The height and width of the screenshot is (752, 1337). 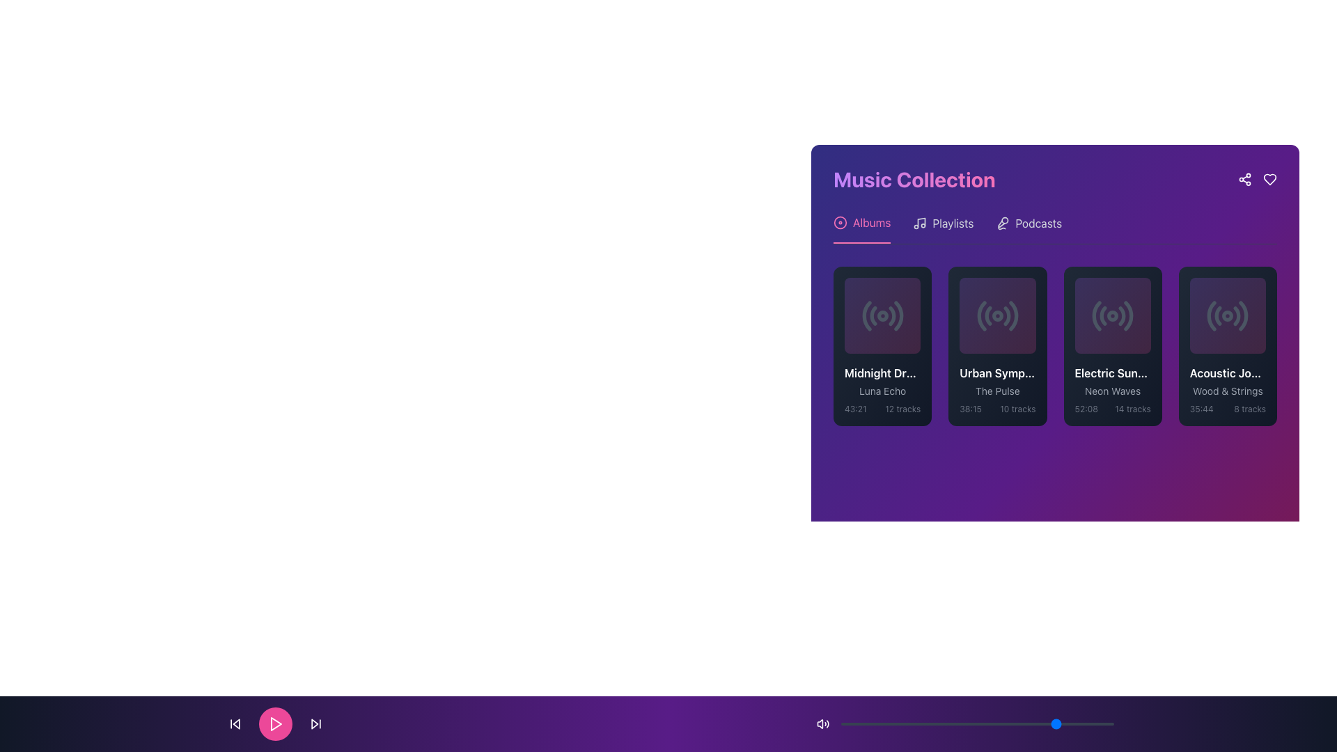 What do you see at coordinates (996, 409) in the screenshot?
I see `the Text Label displaying '38:15' and '10 tracks' located at the bottom of the card labeled 'Urban Symphony - The Pulse'` at bounding box center [996, 409].